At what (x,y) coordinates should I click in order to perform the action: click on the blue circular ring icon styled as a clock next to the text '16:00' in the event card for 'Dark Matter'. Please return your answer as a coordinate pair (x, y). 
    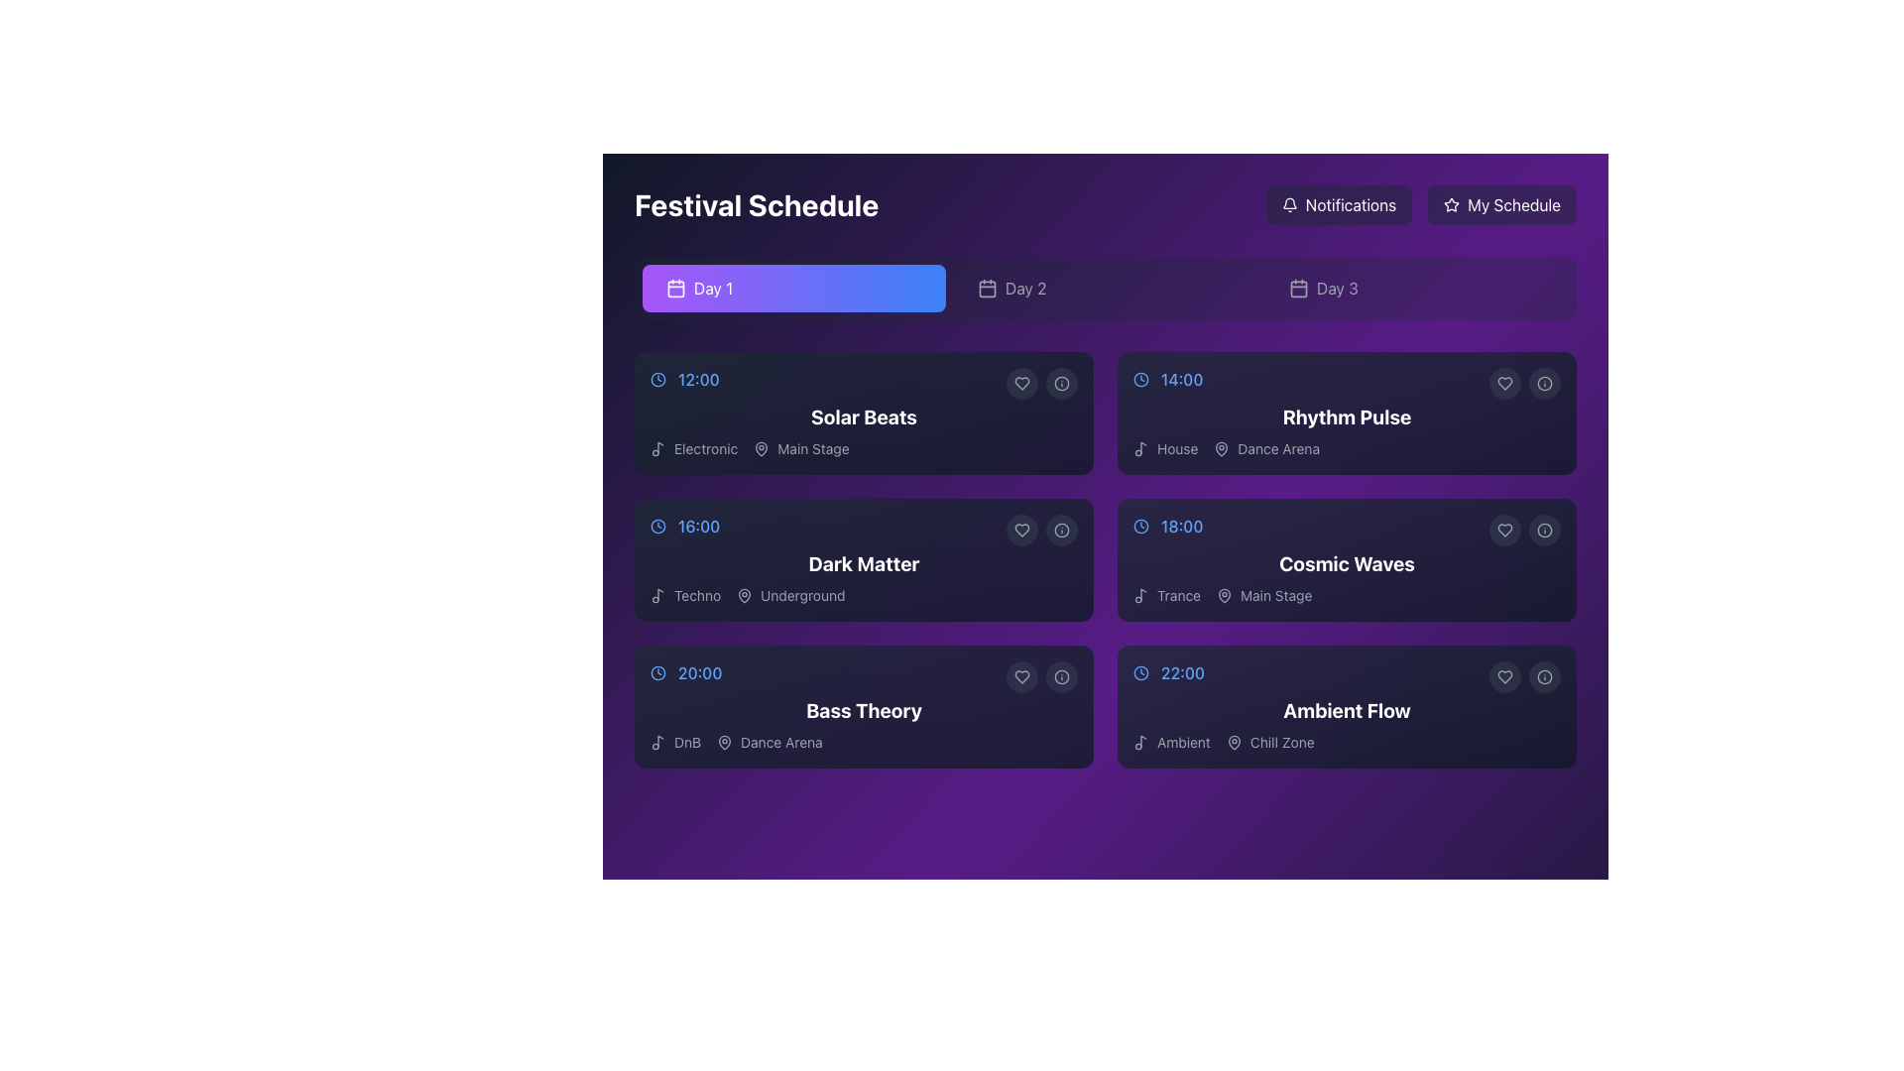
    Looking at the image, I should click on (657, 526).